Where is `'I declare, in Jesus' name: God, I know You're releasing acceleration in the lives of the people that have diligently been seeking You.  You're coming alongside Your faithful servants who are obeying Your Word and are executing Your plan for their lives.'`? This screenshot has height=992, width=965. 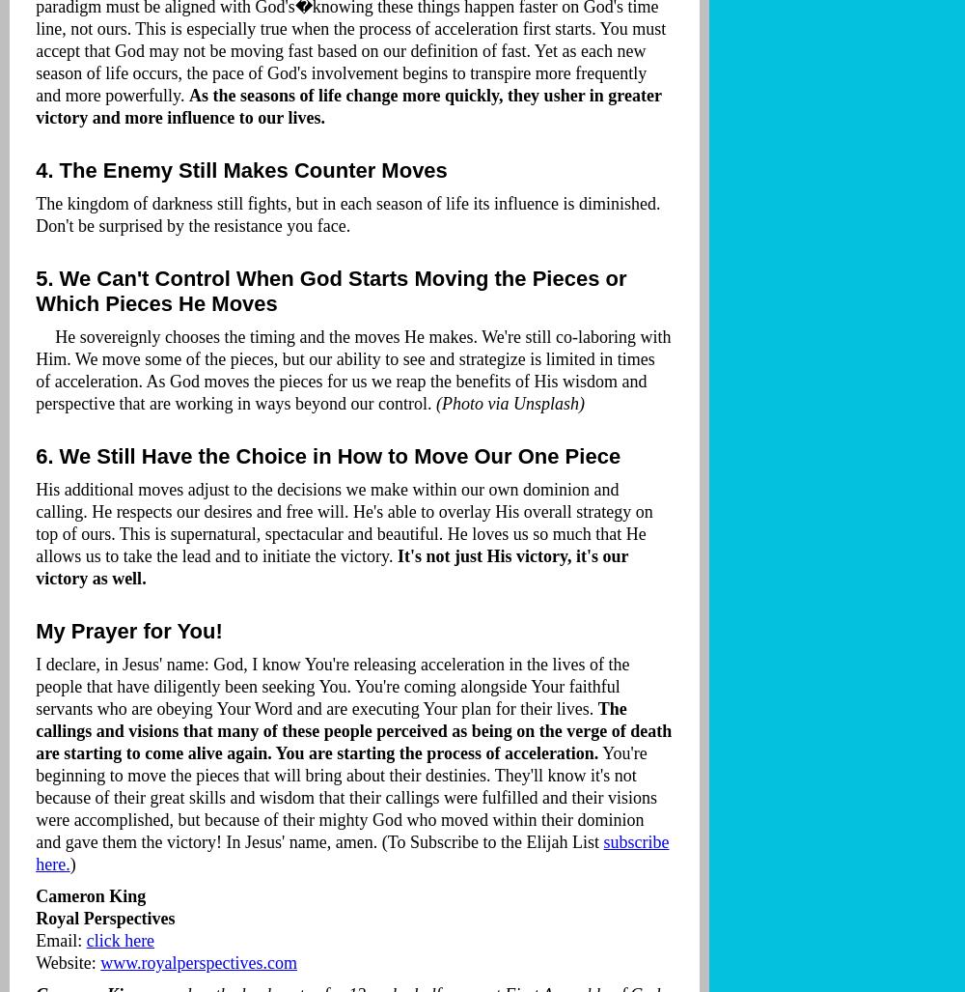
'I declare, in Jesus' name: God, I know You're releasing acceleration in the lives of the people that have diligently been seeking You.  You're coming alongside Your faithful servants who are obeying Your Word and are executing Your plan for their lives.' is located at coordinates (36, 686).